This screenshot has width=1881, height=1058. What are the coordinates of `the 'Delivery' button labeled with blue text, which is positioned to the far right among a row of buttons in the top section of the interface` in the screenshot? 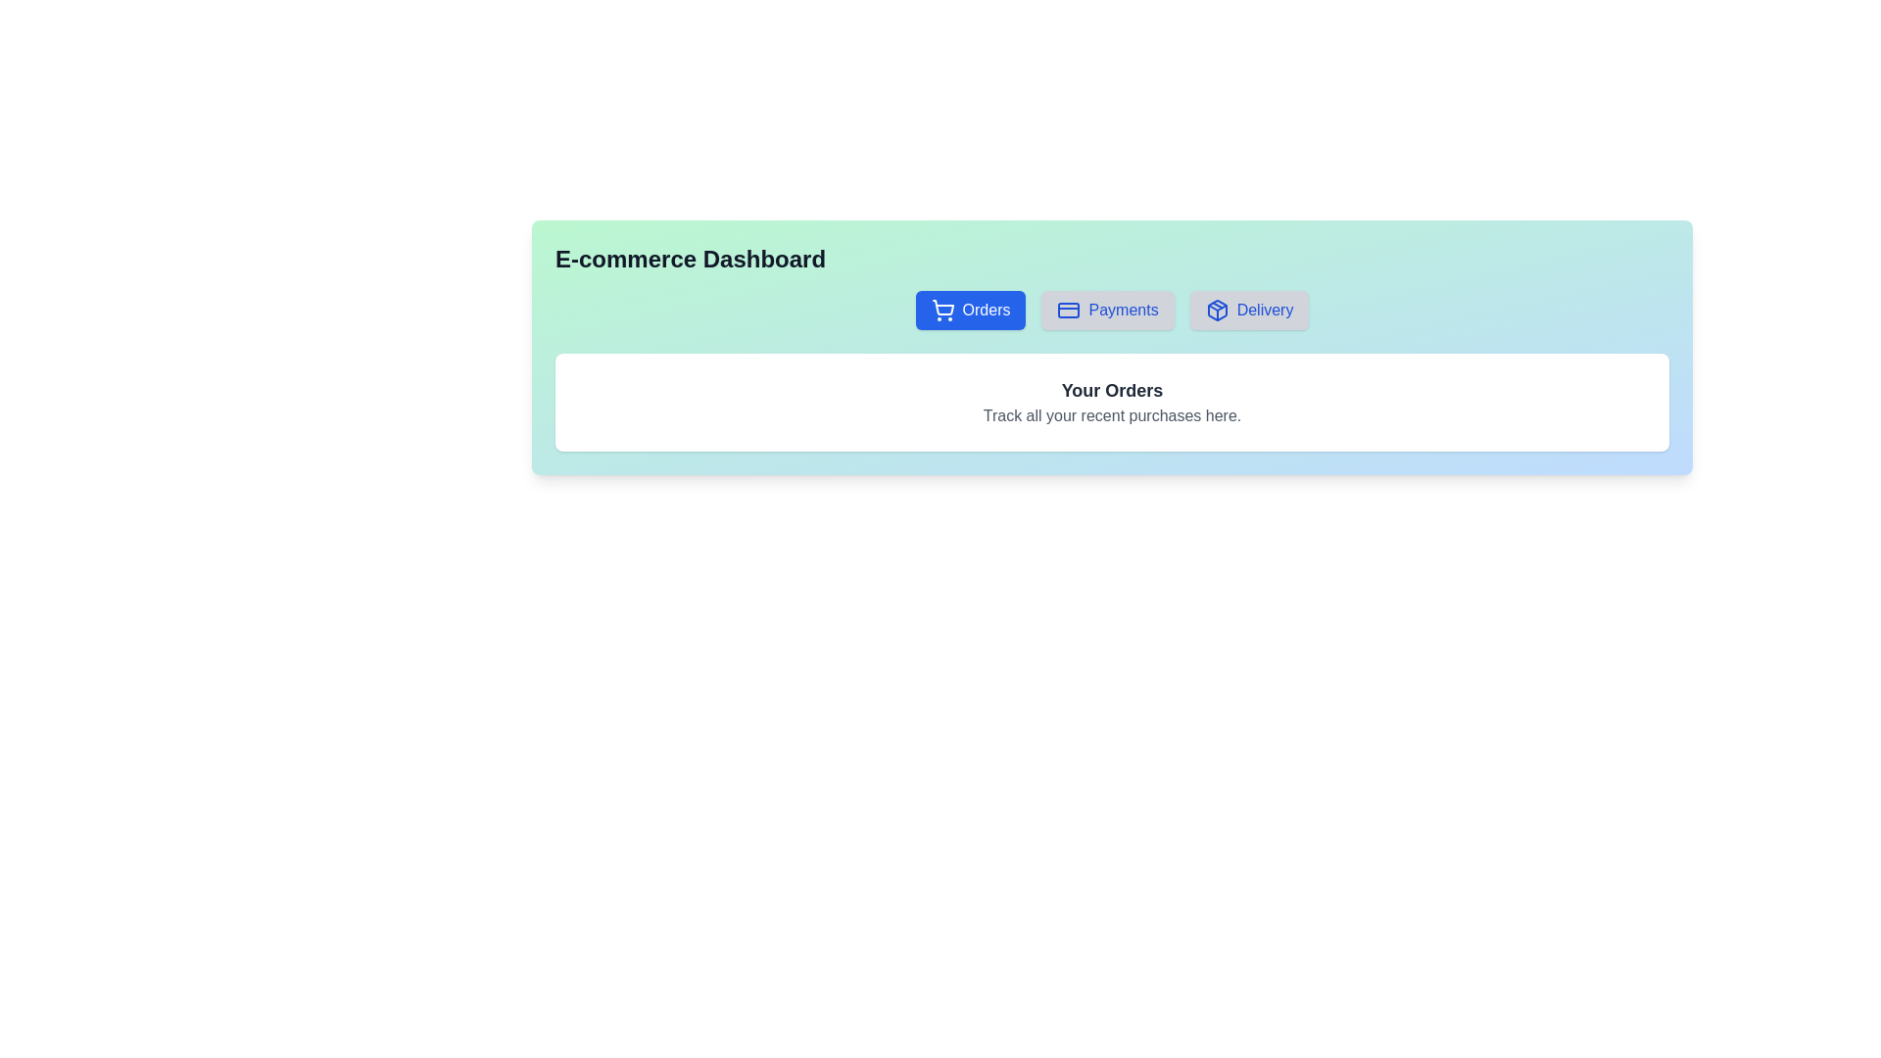 It's located at (1265, 309).